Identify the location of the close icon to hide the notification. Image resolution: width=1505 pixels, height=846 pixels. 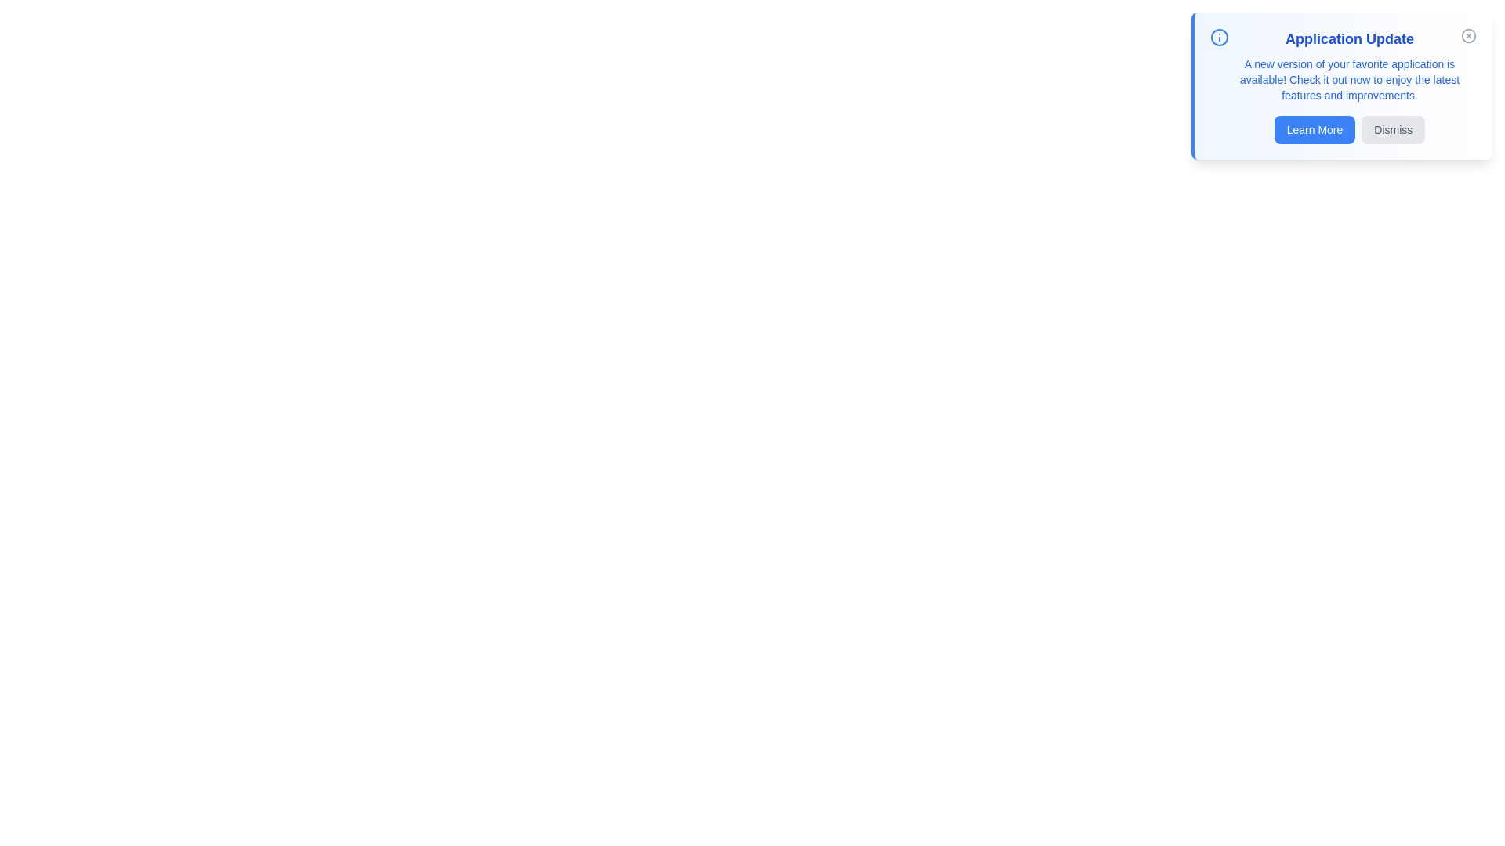
(1467, 35).